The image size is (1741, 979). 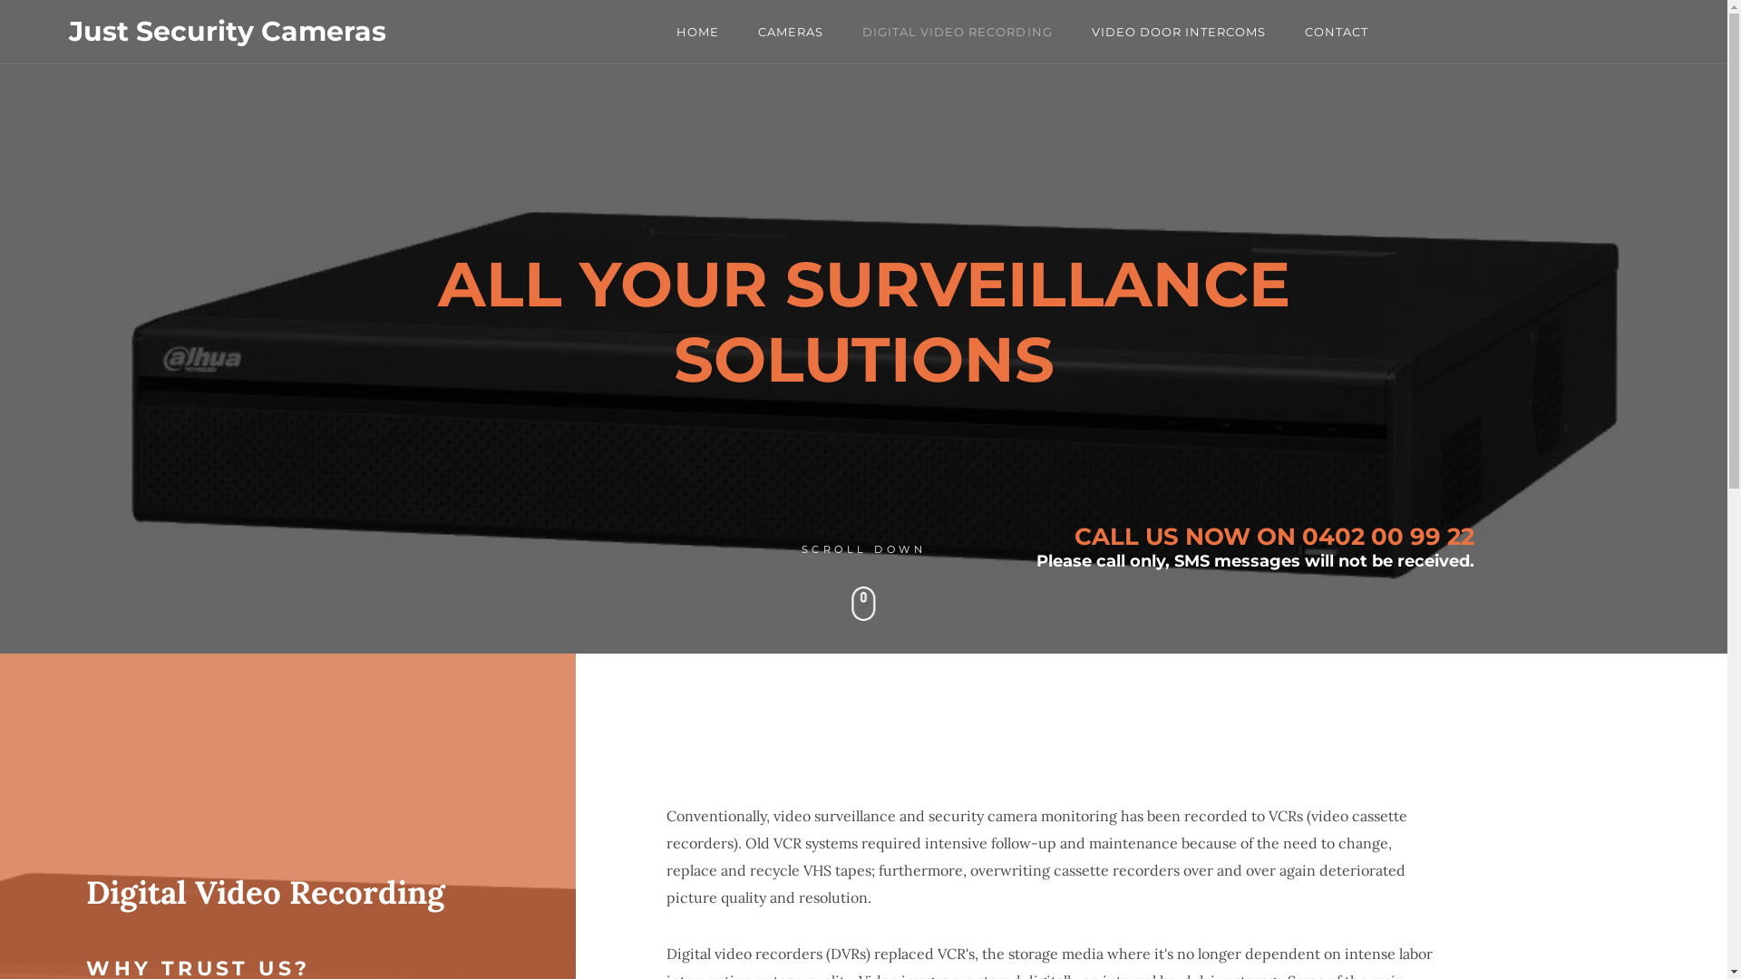 I want to click on 'CALL US NOW ON 0402 00 99 22', so click(x=1273, y=535).